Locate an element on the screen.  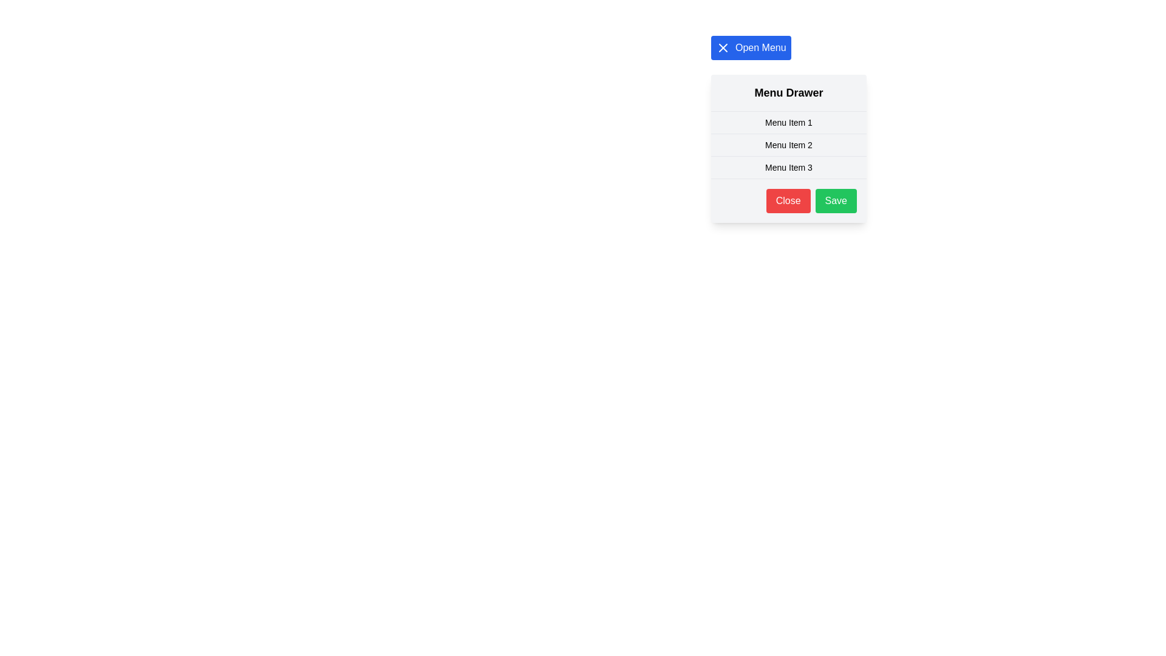
the second item in the 'Menu Drawer', which is a non-interactive Text display element located centrally between 'Menu Item 1' and 'Menu Item 3' is located at coordinates (789, 145).